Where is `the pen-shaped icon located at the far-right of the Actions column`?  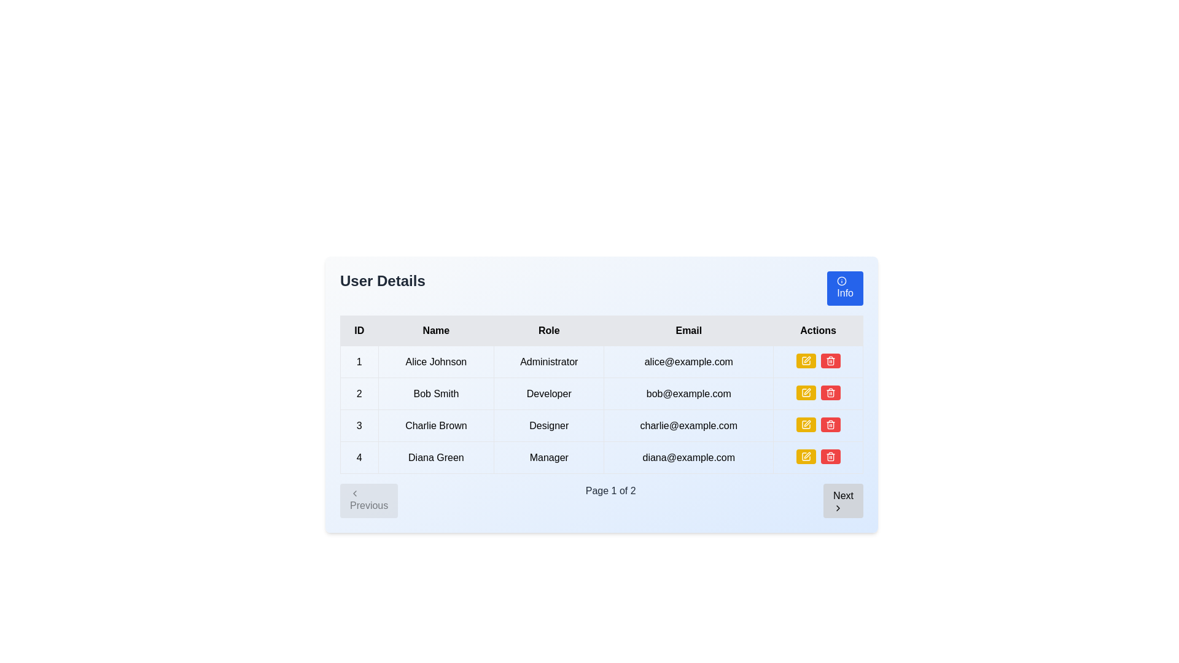
the pen-shaped icon located at the far-right of the Actions column is located at coordinates (807, 455).